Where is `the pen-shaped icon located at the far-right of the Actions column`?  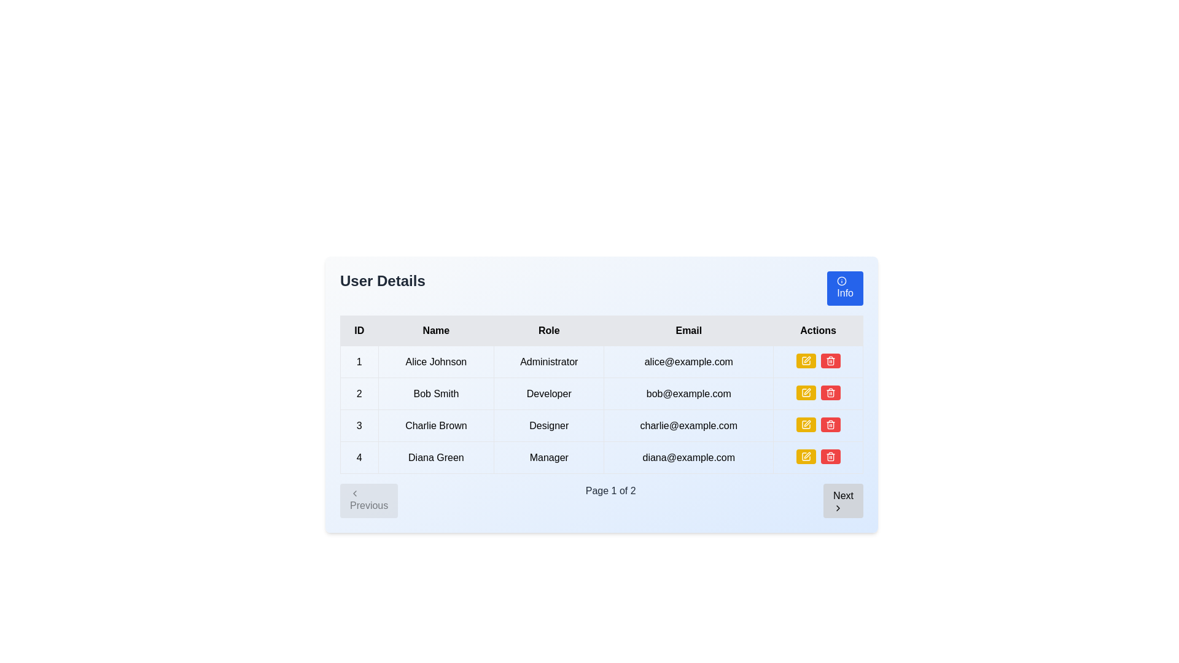
the pen-shaped icon located at the far-right of the Actions column is located at coordinates (807, 455).